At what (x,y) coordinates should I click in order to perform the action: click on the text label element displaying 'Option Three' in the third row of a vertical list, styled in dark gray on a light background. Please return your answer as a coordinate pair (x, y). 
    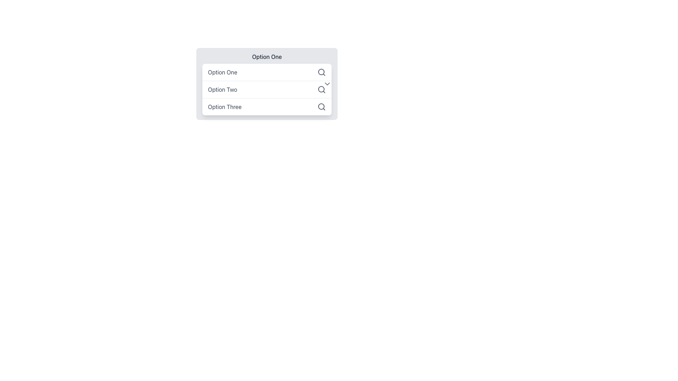
    Looking at the image, I should click on (224, 107).